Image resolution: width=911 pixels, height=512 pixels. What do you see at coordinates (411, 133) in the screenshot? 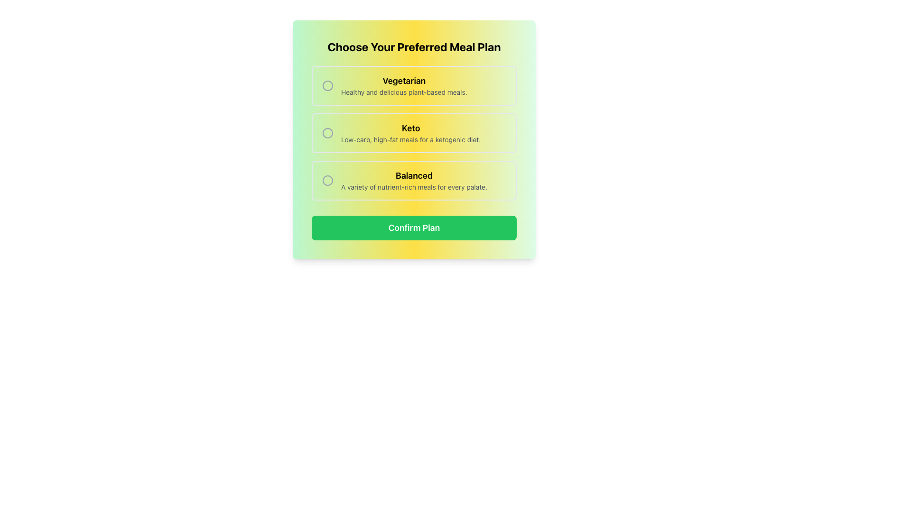
I see `description text 'Low-carb, high-fat meals for a ketogenic diet.' from the Keto meal plan label, which is prominently displayed in the middle selectable option of the meal plans` at bounding box center [411, 133].